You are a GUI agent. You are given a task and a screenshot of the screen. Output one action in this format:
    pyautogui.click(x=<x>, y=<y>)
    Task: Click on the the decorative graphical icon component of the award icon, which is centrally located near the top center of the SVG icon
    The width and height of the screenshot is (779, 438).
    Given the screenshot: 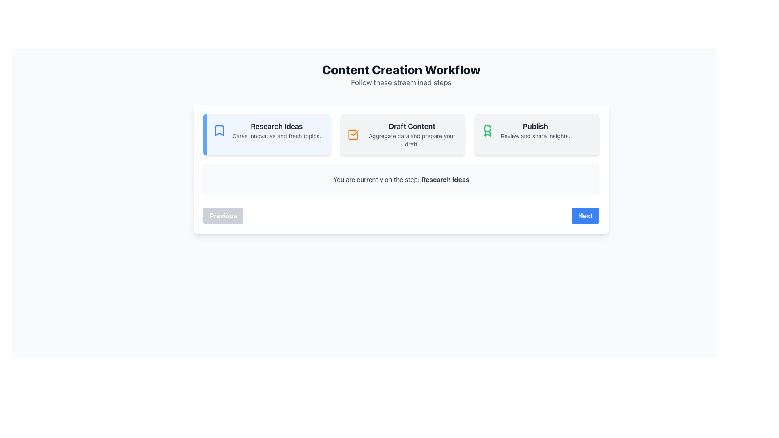 What is the action you would take?
    pyautogui.click(x=487, y=128)
    